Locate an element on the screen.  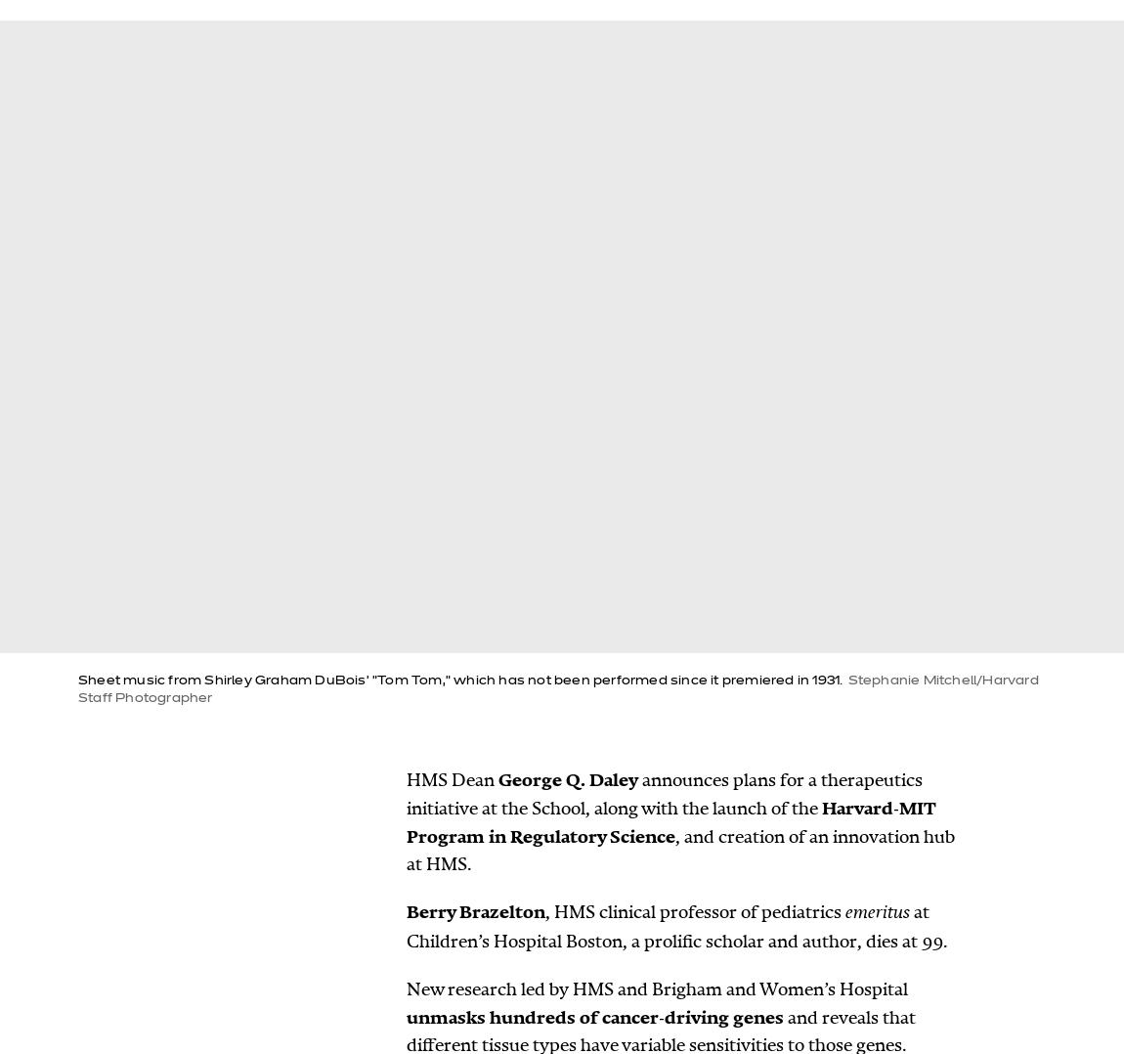
'unmasks hundreds of cancer-driving genes' is located at coordinates (594, 1015).